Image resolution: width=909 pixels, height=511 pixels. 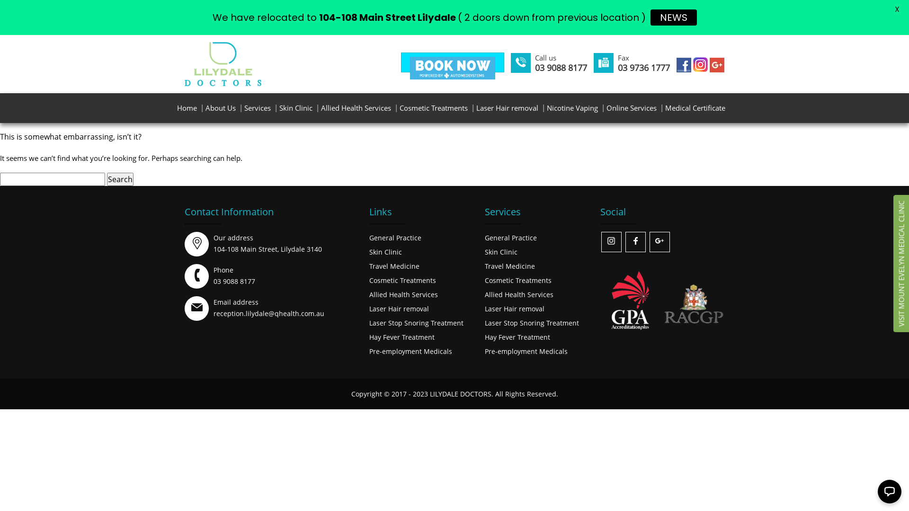 I want to click on 'Medical Certificate', so click(x=695, y=107).